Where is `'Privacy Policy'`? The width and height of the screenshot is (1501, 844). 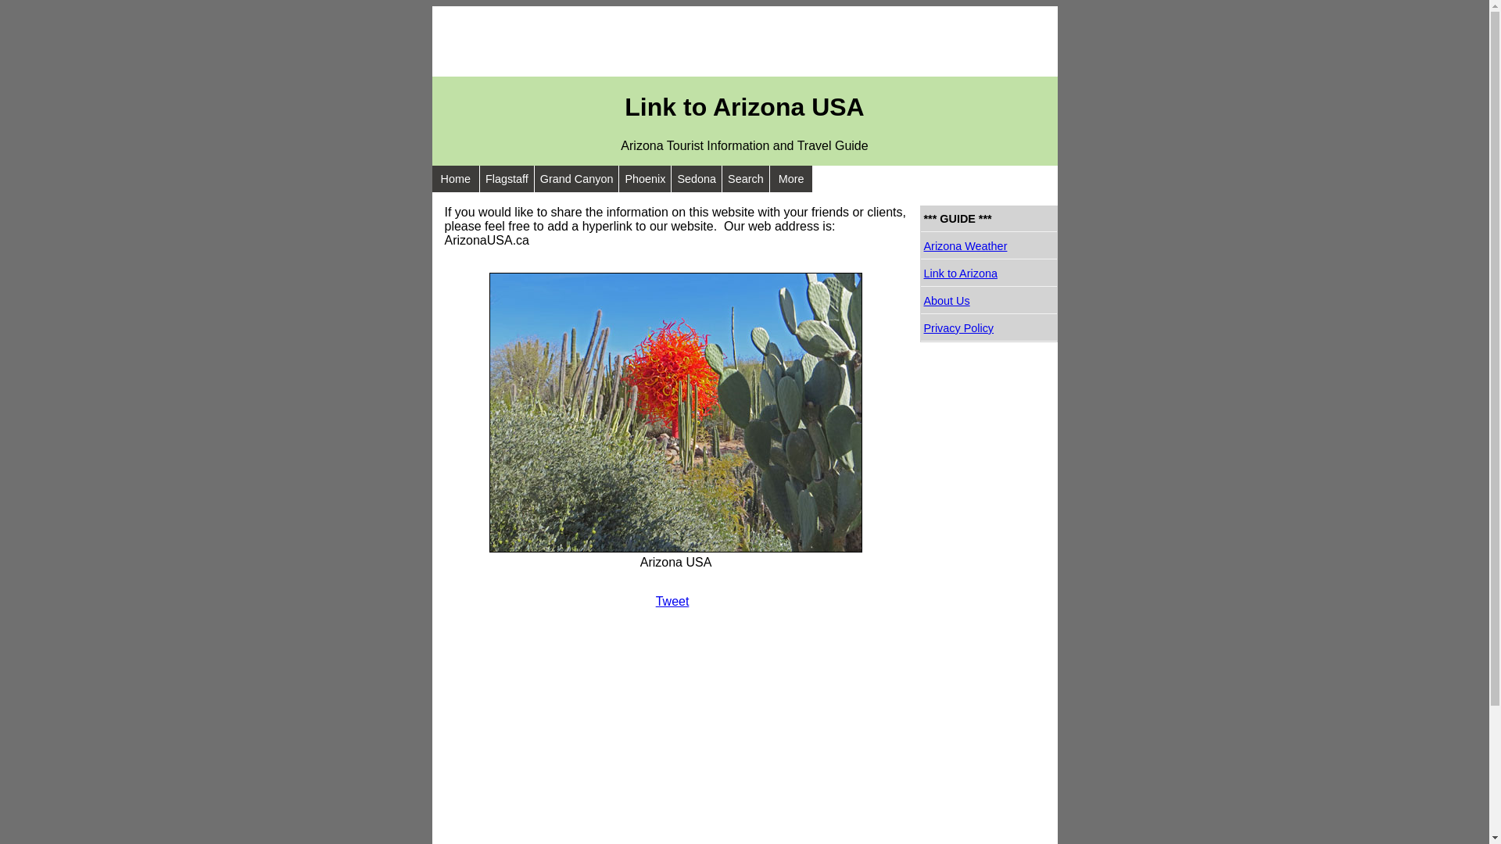 'Privacy Policy' is located at coordinates (988, 327).